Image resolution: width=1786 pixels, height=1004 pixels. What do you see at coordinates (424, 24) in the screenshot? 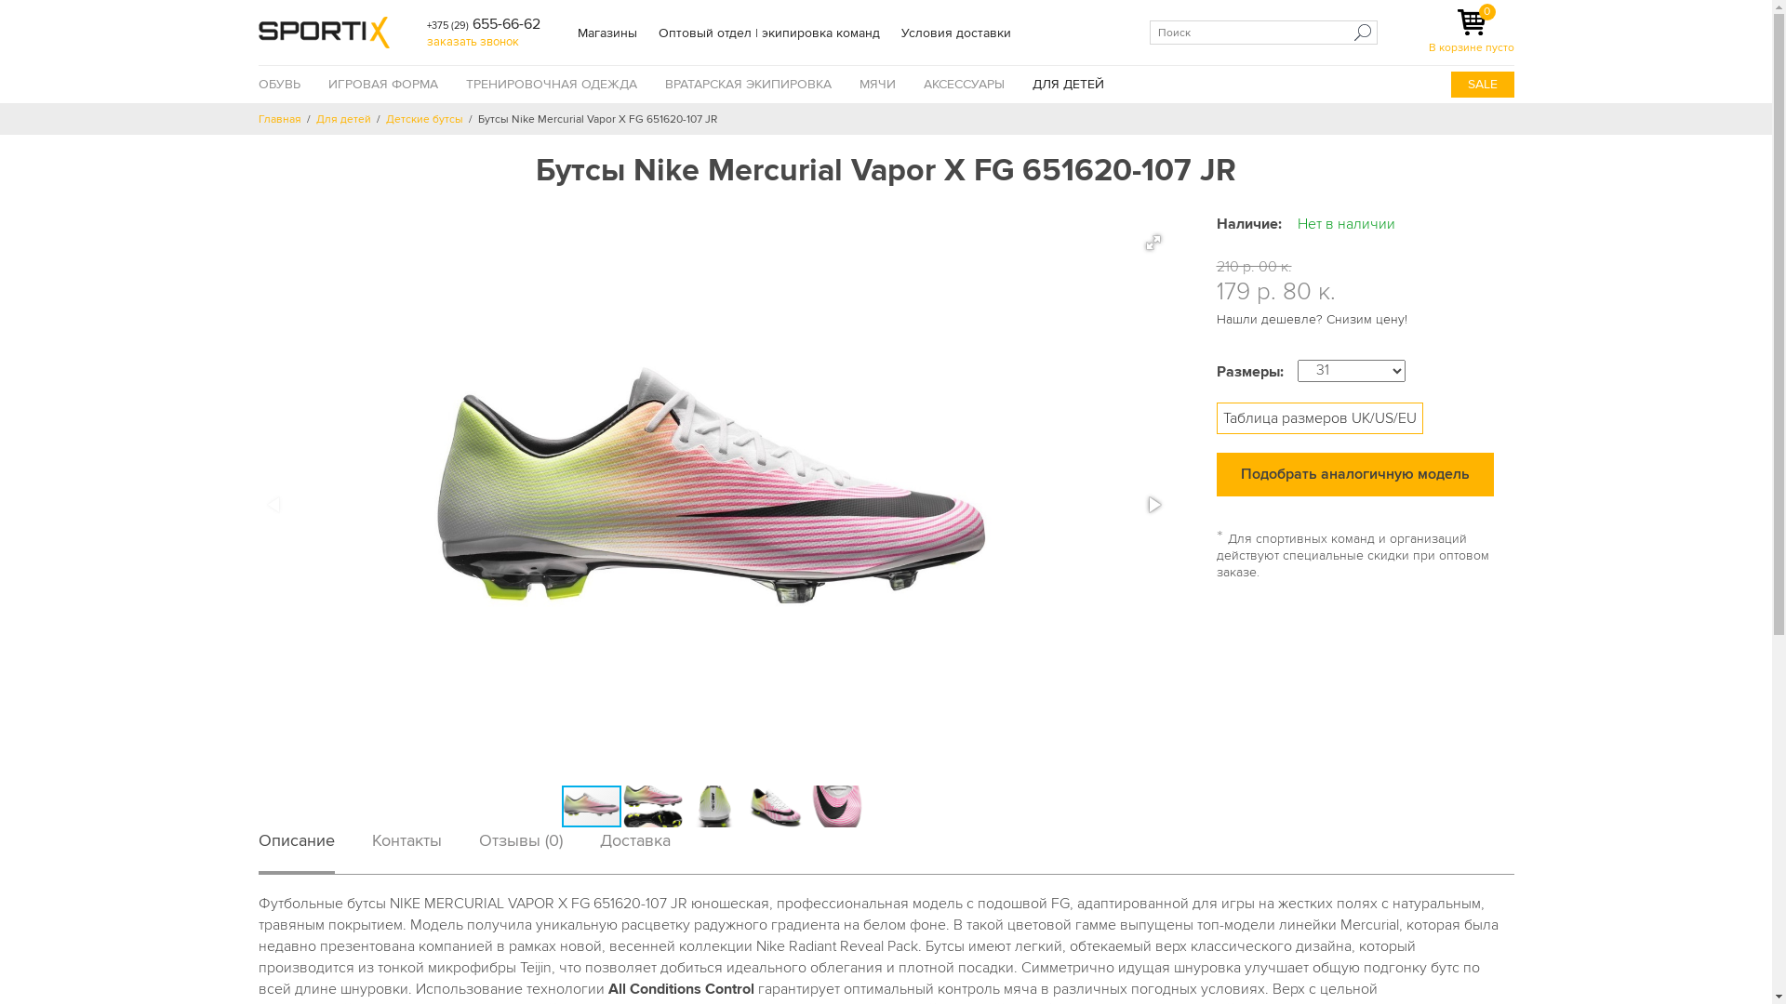
I see `'+375 (29) 655-66-62'` at bounding box center [424, 24].